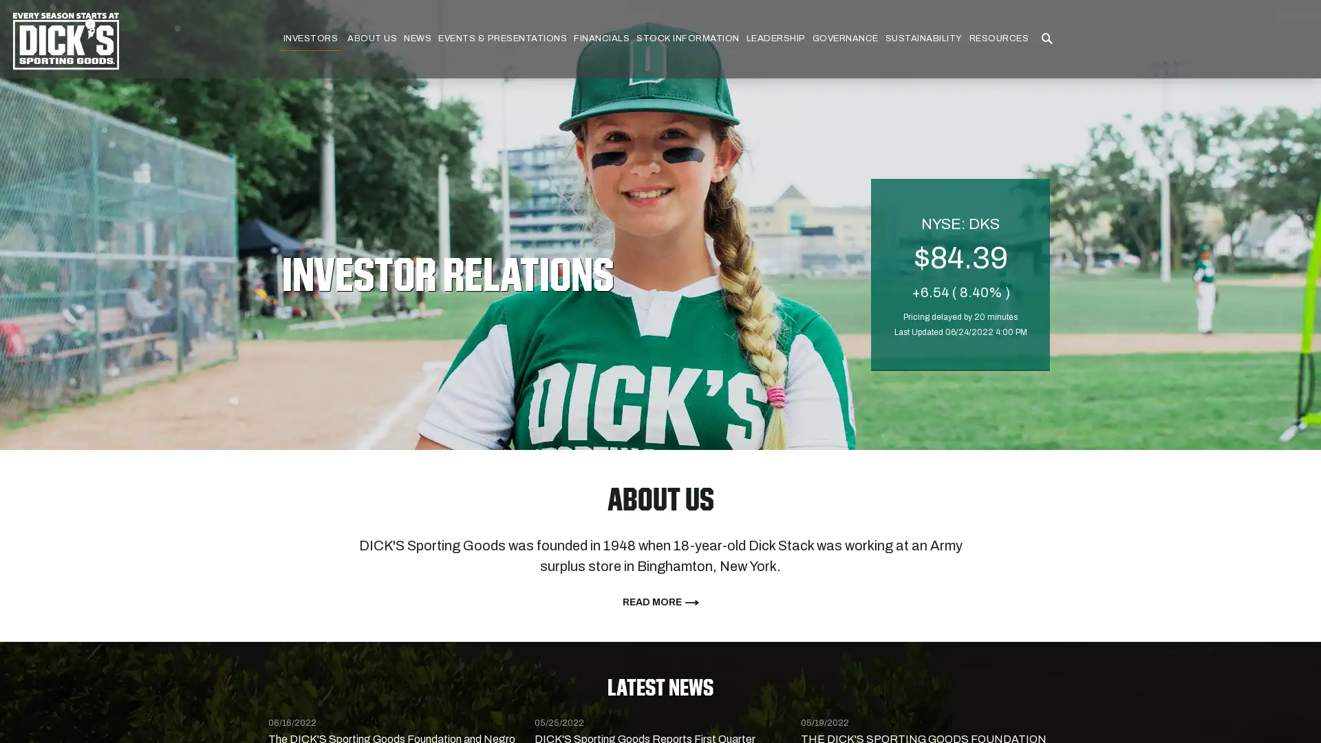  I want to click on toggle search, so click(1046, 39).